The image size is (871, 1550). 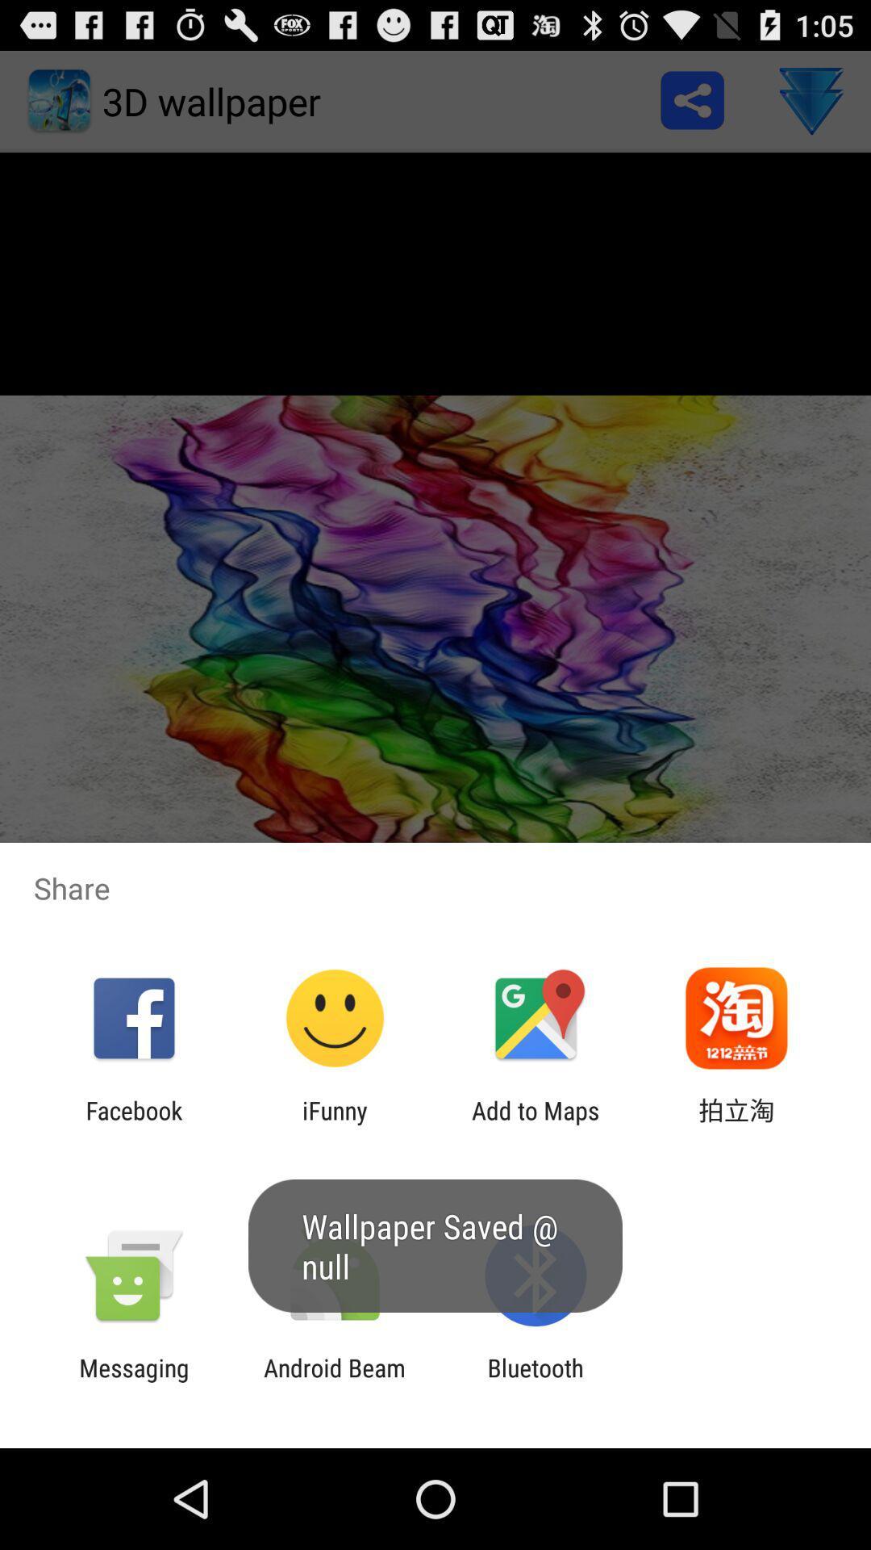 I want to click on app next to facebook app, so click(x=334, y=1124).